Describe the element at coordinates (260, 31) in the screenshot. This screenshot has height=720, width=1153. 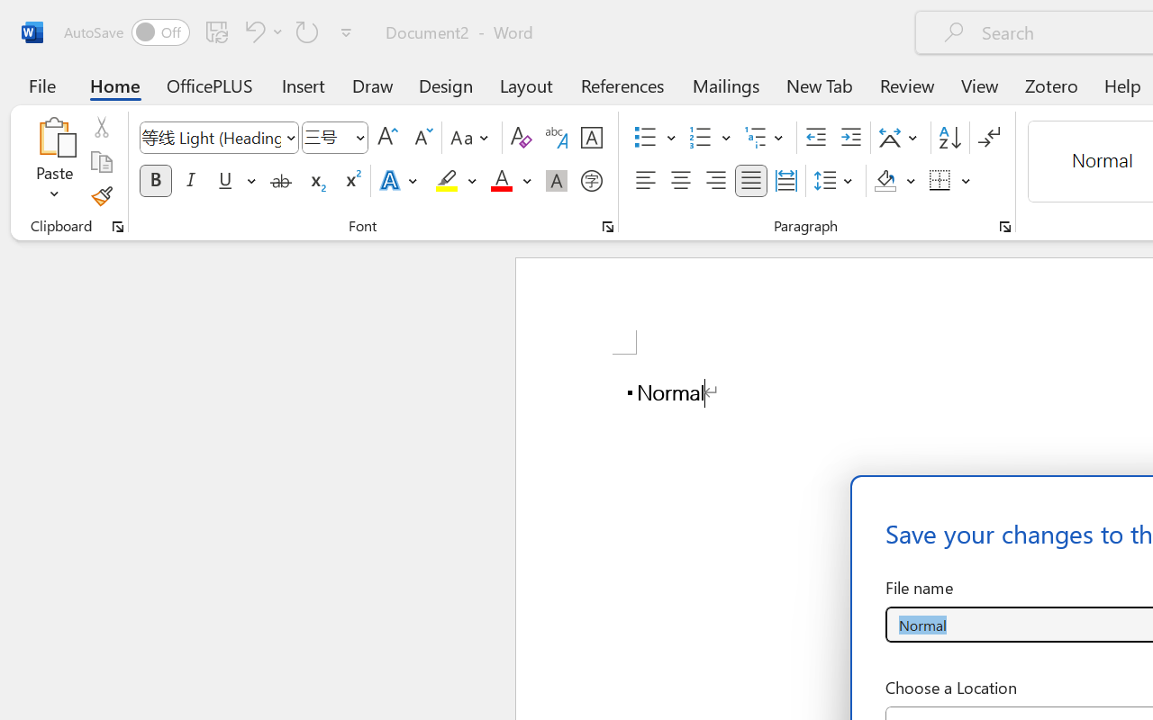
I see `'Undo Typing'` at that location.